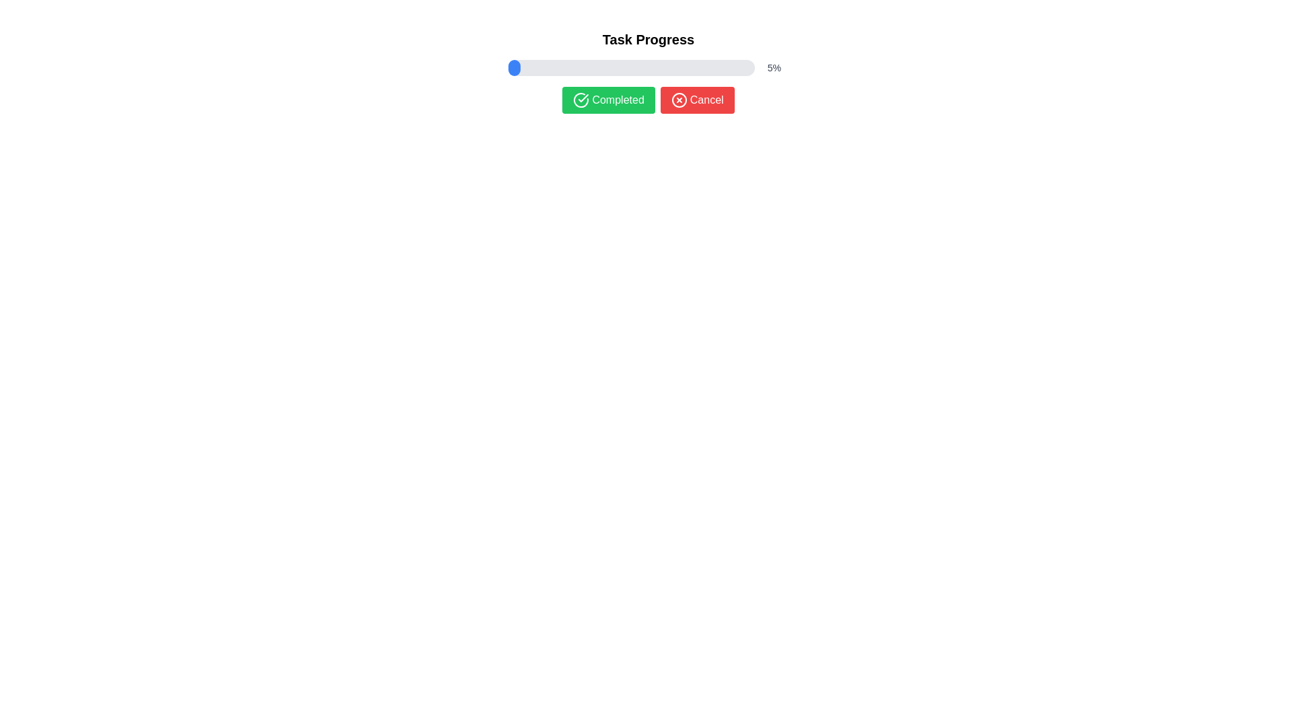  What do you see at coordinates (649, 38) in the screenshot?
I see `the bold and centered text reading 'Task Progress' at the top of the panel` at bounding box center [649, 38].